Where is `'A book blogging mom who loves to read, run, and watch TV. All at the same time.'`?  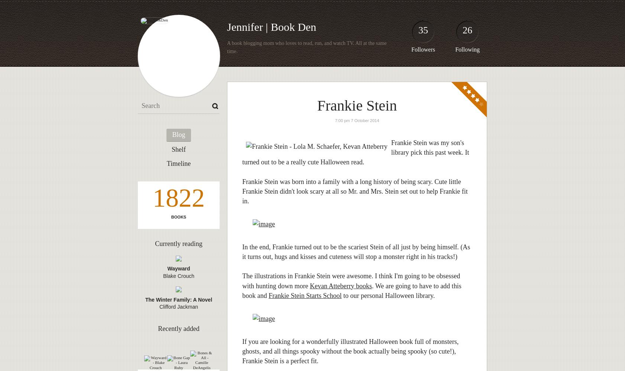
'A book blogging mom who loves to read, run, and watch TV. All at the same time.' is located at coordinates (307, 47).